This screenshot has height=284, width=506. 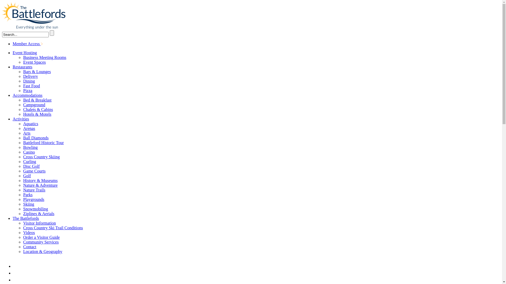 What do you see at coordinates (29, 81) in the screenshot?
I see `'Dining'` at bounding box center [29, 81].